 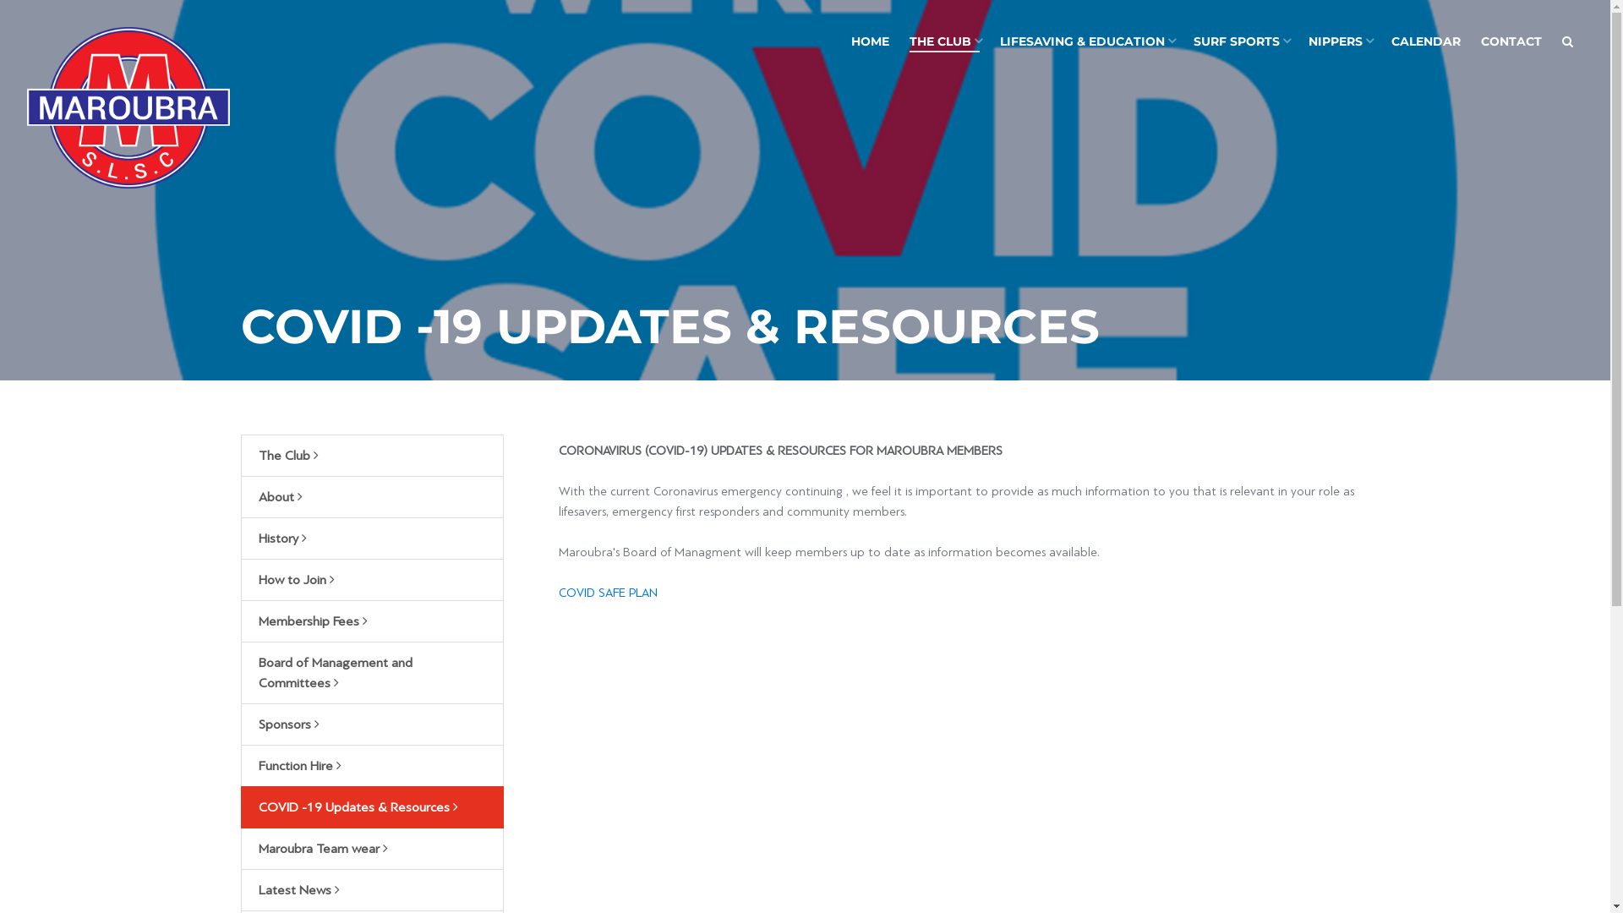 I want to click on 'HOME', so click(x=870, y=41).